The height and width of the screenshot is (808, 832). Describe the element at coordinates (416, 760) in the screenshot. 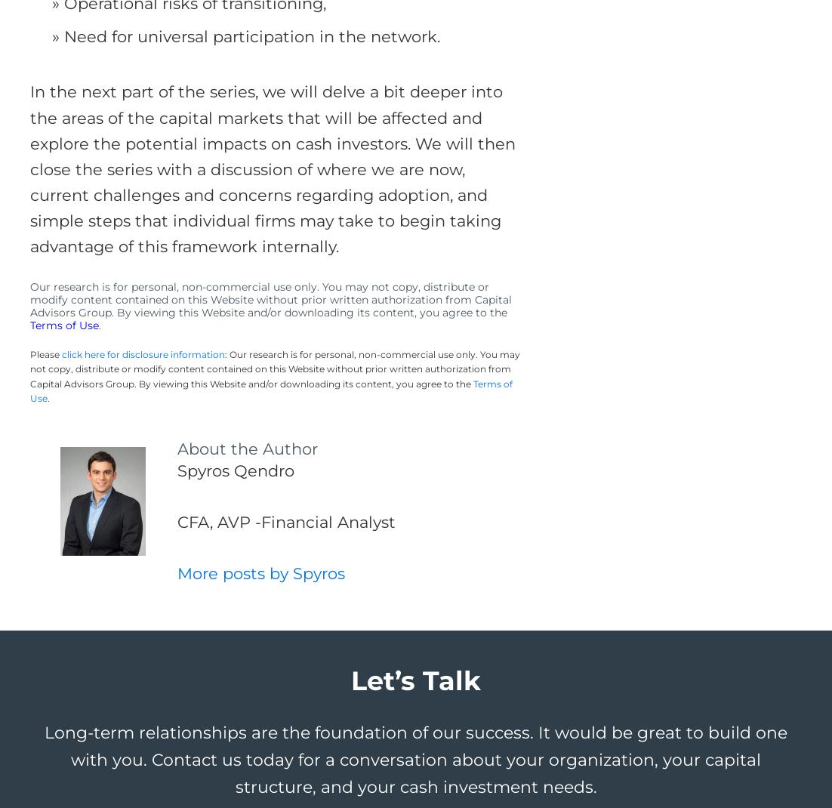

I see `'Long-term relationships are the foundation of our success. It would be great to build one with you. Contact us today for a conversation about your organization, your capital structure, and your cash investment needs.'` at that location.